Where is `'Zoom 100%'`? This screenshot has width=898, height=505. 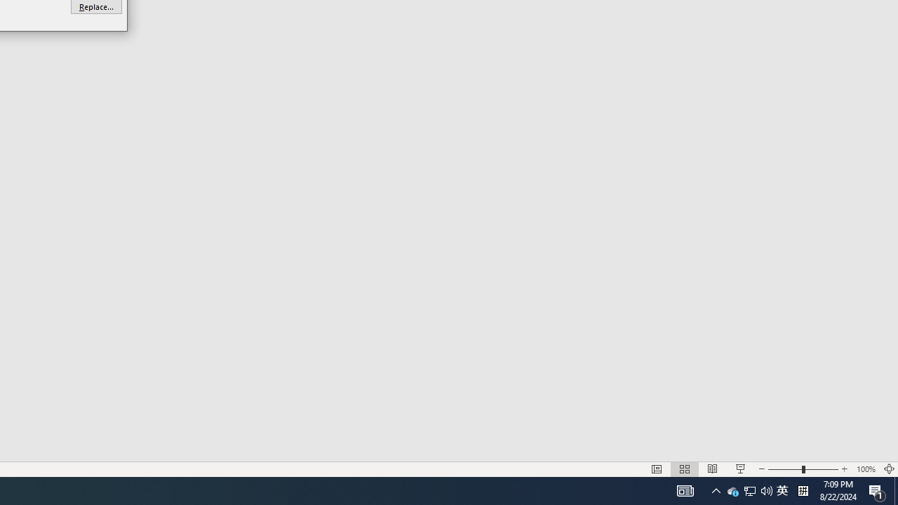 'Zoom 100%' is located at coordinates (877, 490).